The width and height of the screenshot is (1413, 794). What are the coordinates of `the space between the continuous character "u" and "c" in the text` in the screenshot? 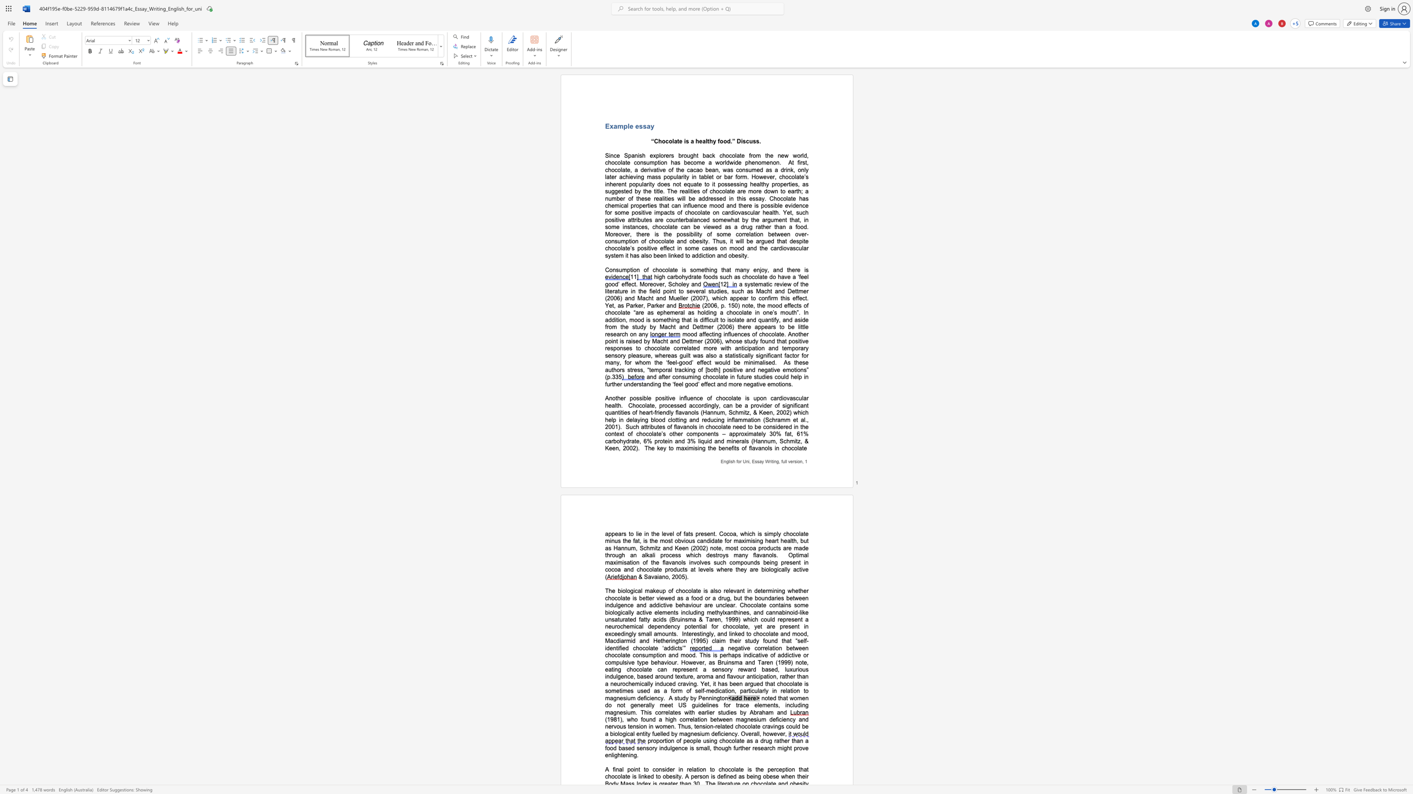 It's located at (713, 419).